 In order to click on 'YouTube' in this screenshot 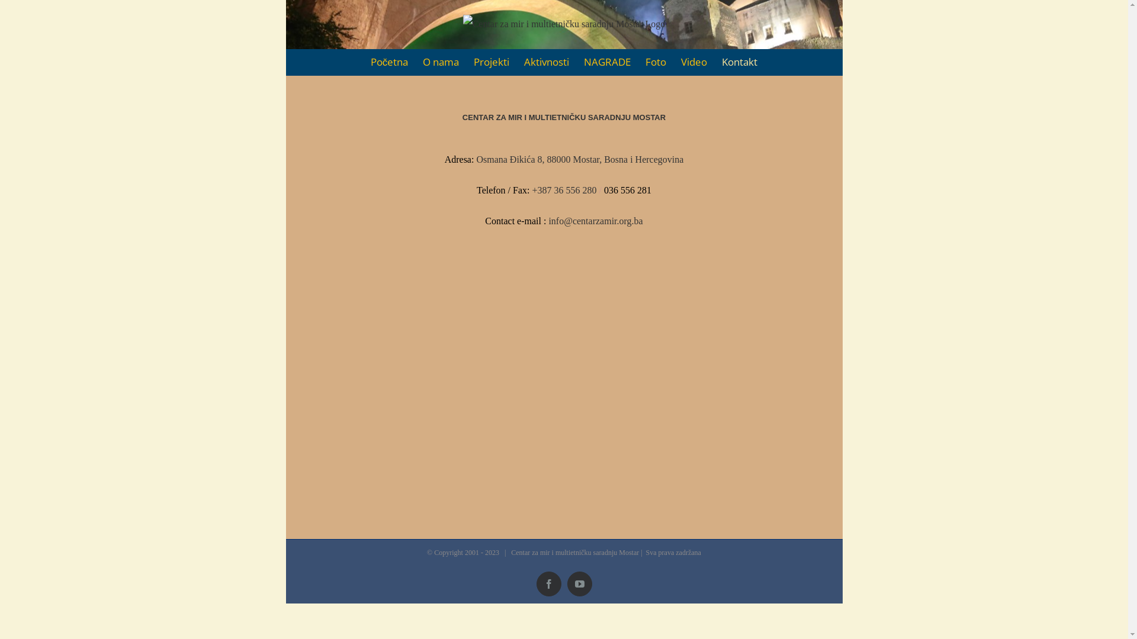, I will do `click(567, 583)`.